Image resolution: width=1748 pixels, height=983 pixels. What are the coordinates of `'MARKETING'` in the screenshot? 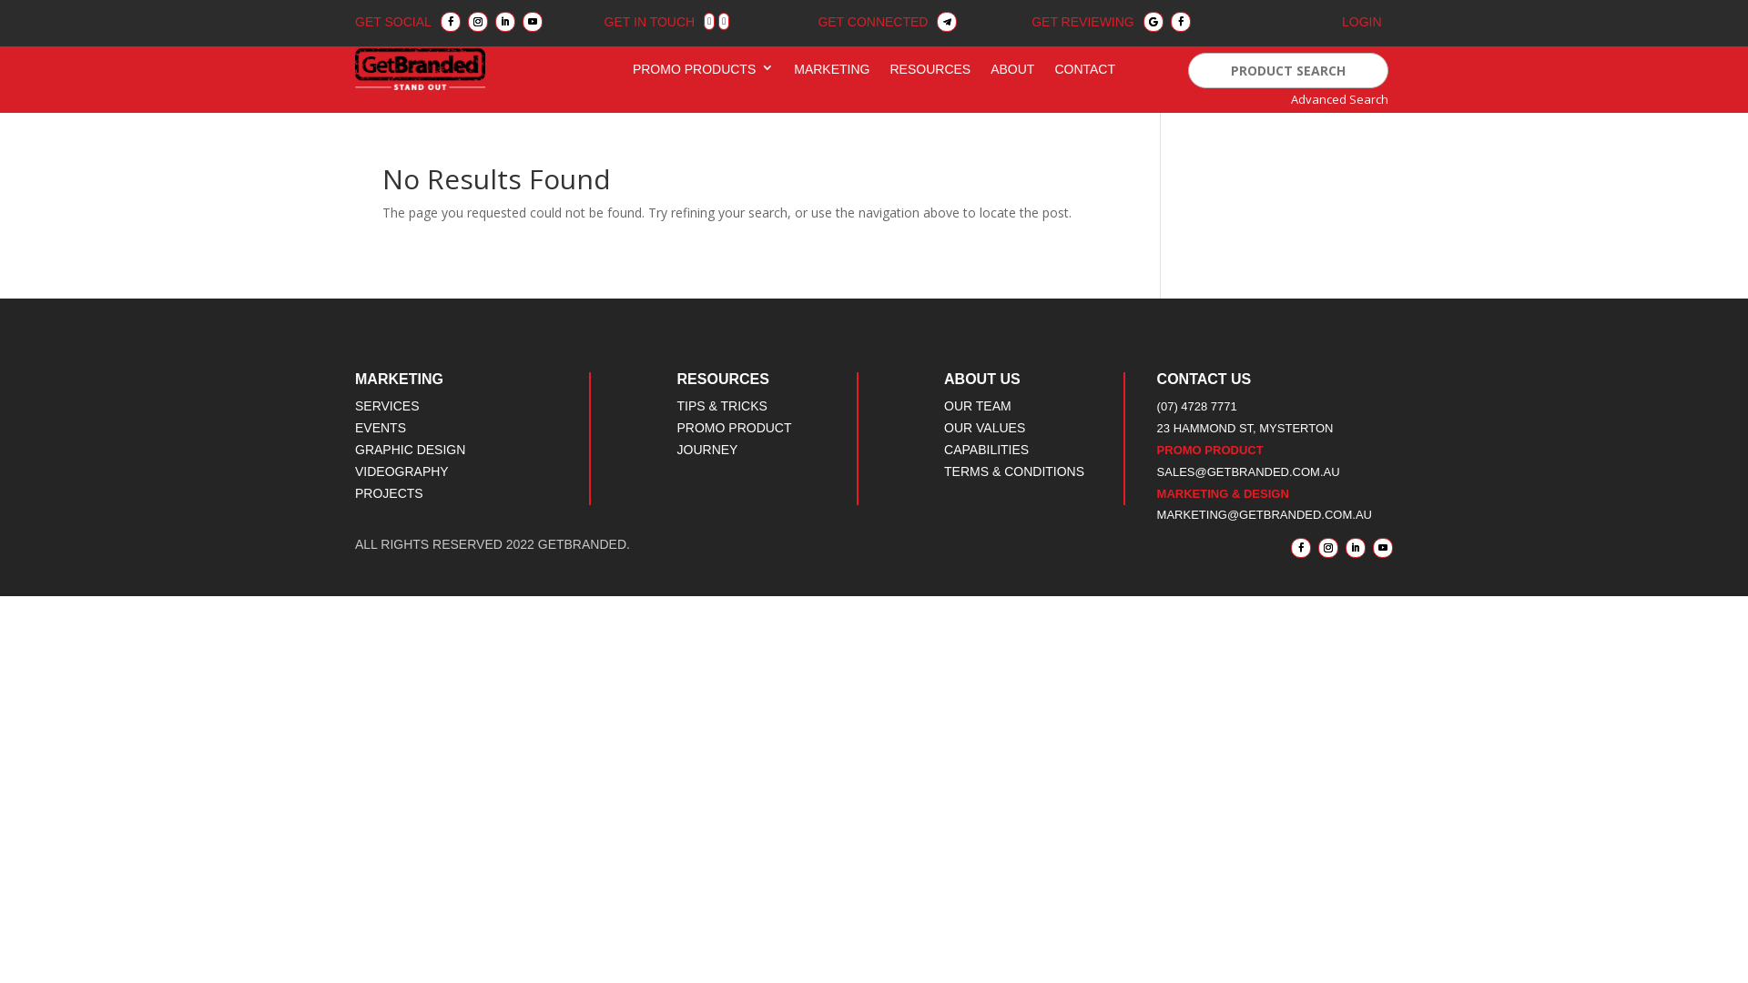 It's located at (830, 72).